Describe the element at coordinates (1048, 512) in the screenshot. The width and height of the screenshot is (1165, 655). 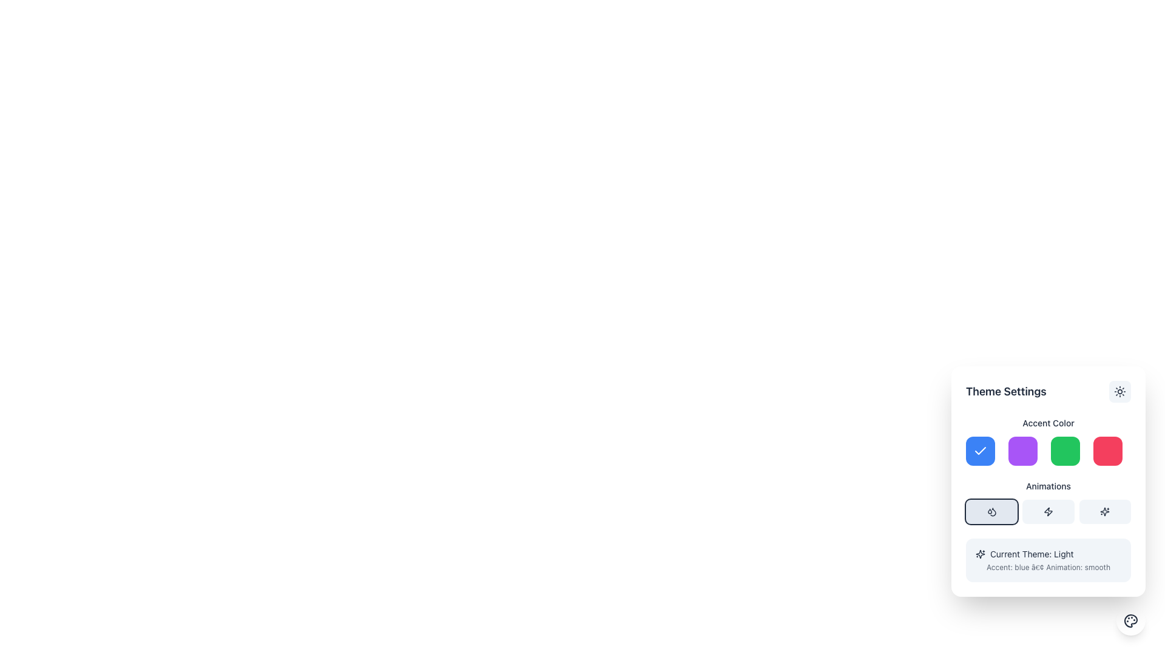
I see `the button with the lightning bolt icon in the middle column of the 'Animations' section` at that location.